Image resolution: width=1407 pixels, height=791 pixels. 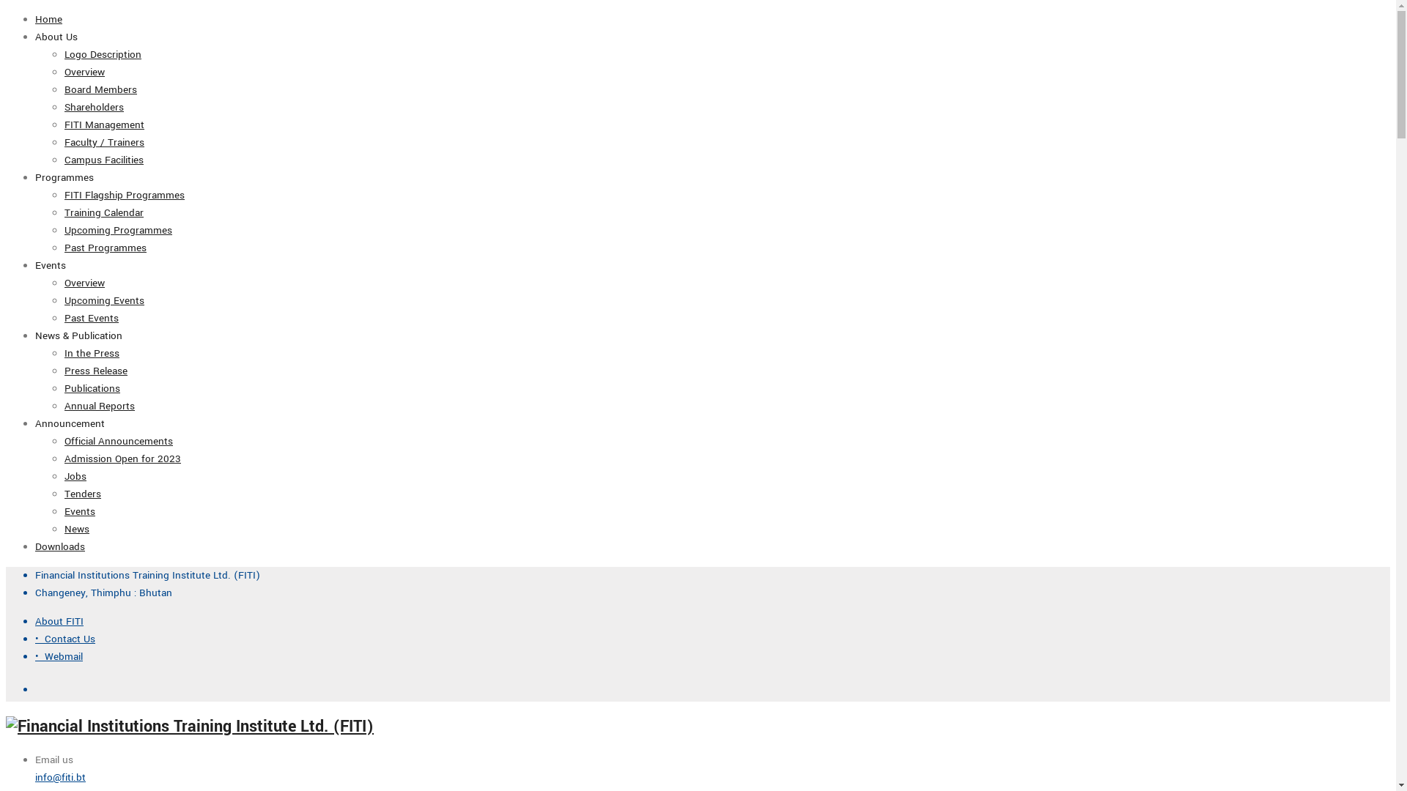 I want to click on 'Upcoming Events', so click(x=63, y=300).